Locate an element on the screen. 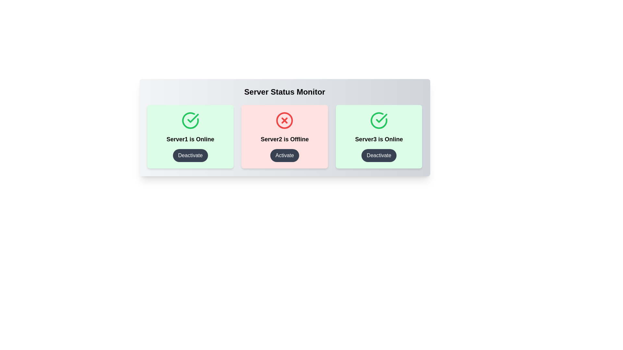 The height and width of the screenshot is (350, 623). the action button for Server3 to toggle its state is located at coordinates (379, 155).